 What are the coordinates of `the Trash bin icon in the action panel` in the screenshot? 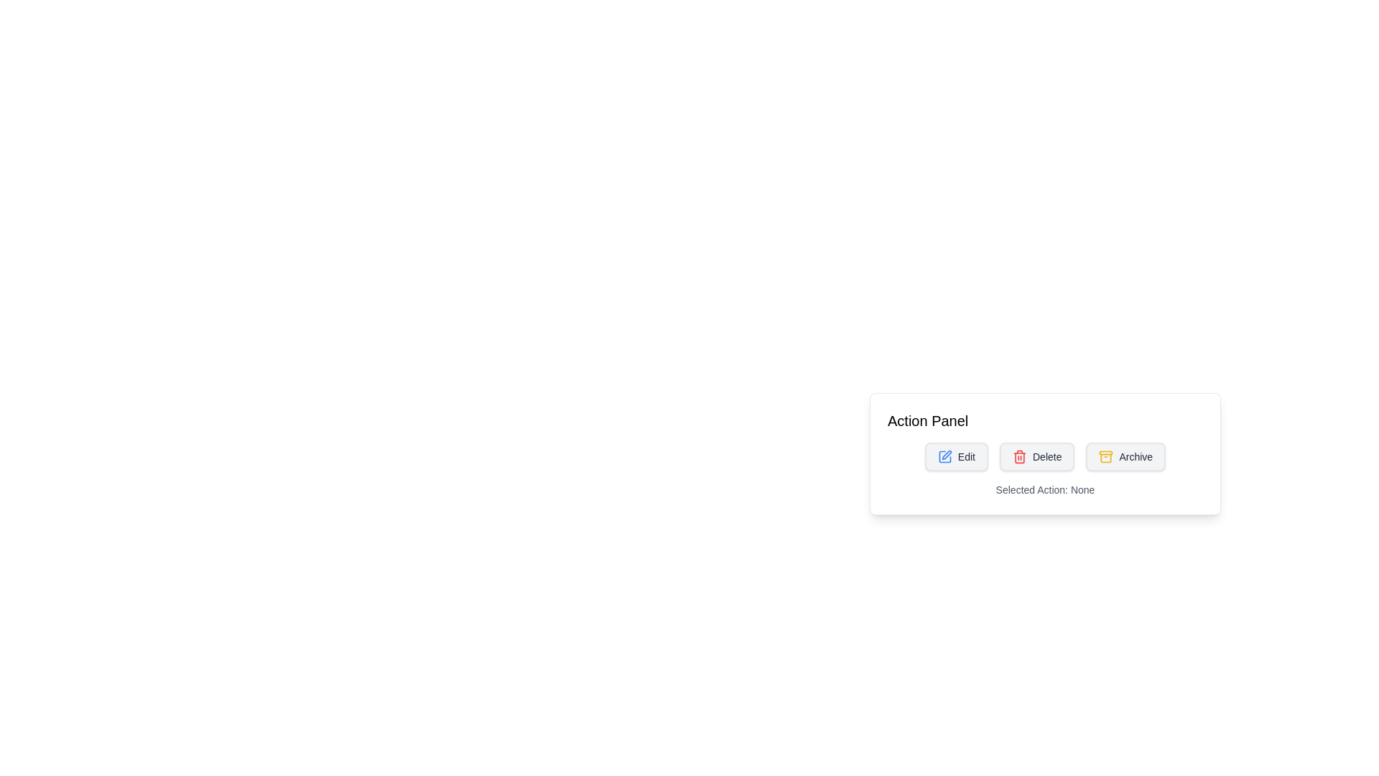 It's located at (1019, 457).